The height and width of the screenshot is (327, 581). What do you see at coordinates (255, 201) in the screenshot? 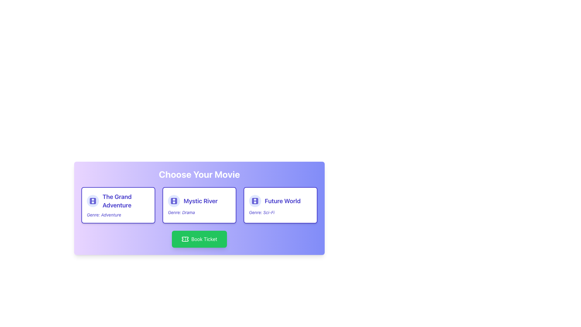
I see `the filmstrip icon with a blue stroke on a white background, located within a circular indigo background in the top-right card labeled 'Future World' under the 'Choose Your Movie' section` at bounding box center [255, 201].